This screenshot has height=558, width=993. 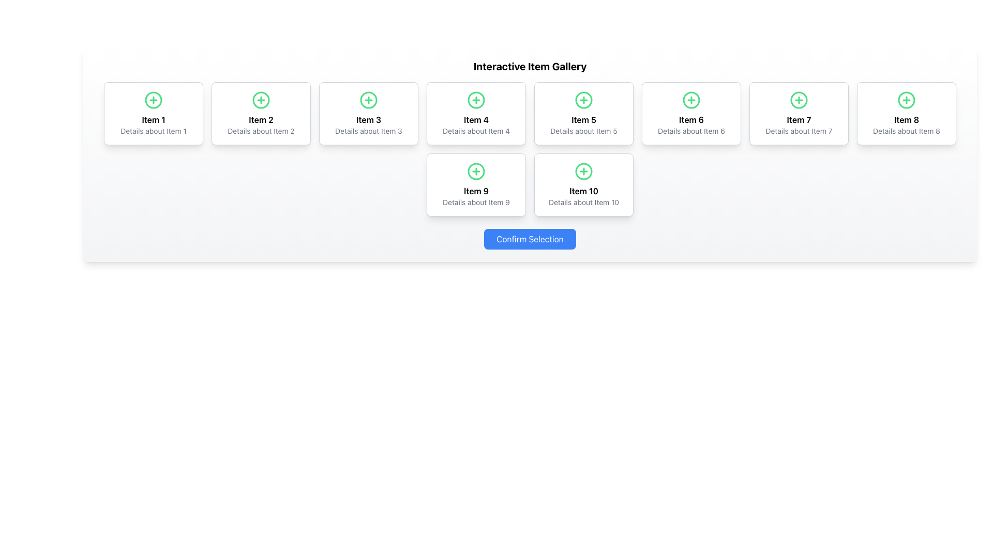 I want to click on the text label indicating the name or title of the first card in the top row of the grid layout, so click(x=153, y=119).